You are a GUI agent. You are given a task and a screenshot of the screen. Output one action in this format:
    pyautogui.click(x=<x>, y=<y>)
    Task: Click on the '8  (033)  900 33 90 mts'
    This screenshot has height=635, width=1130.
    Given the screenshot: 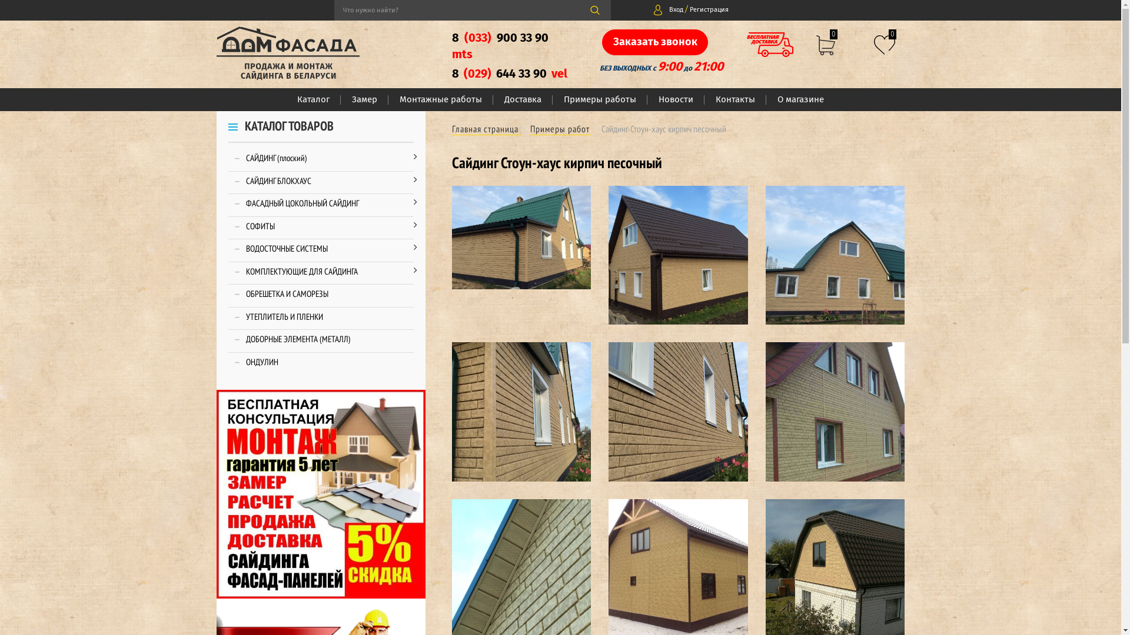 What is the action you would take?
    pyautogui.click(x=511, y=56)
    